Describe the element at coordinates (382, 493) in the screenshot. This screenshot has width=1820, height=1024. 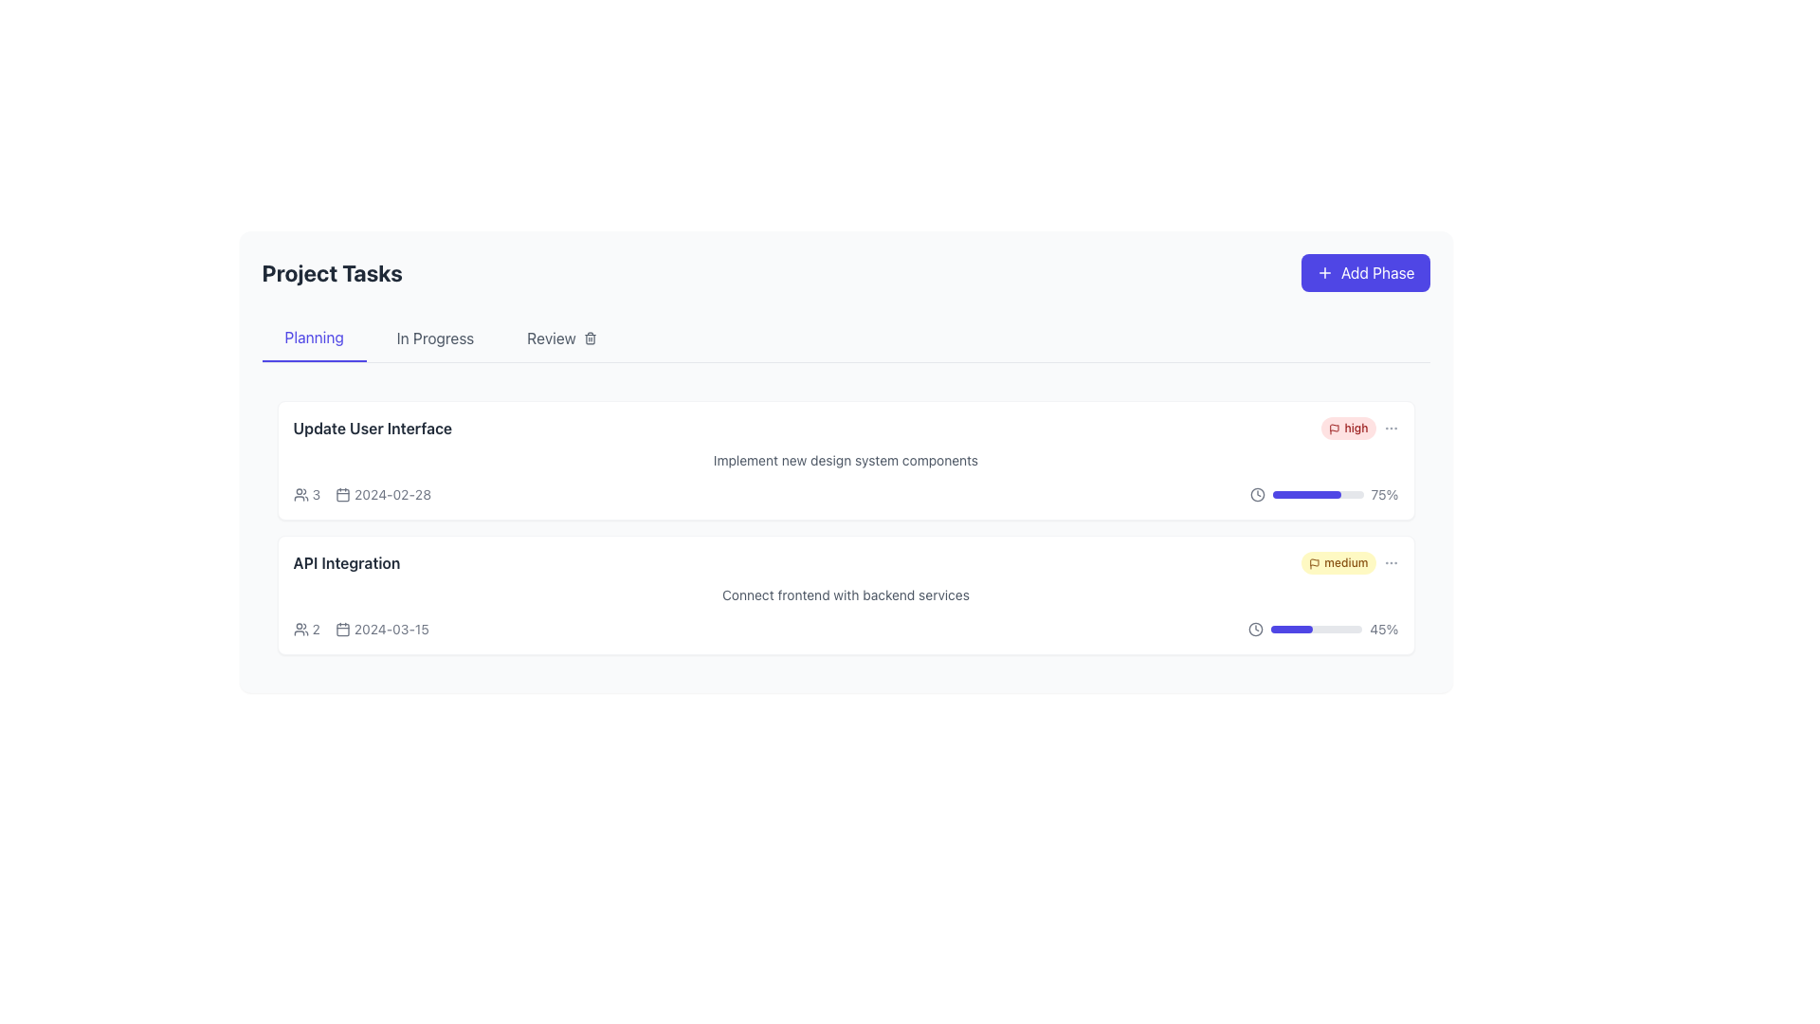
I see `the Date label displaying '2024-02-28' in the 'Planning' section of the task list` at that location.